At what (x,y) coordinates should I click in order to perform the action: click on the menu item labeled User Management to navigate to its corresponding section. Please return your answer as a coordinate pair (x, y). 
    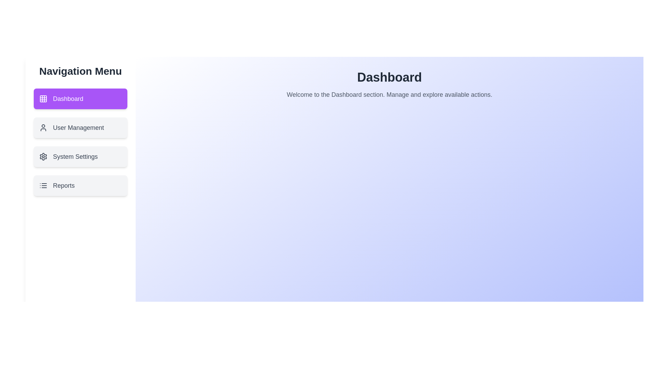
    Looking at the image, I should click on (81, 127).